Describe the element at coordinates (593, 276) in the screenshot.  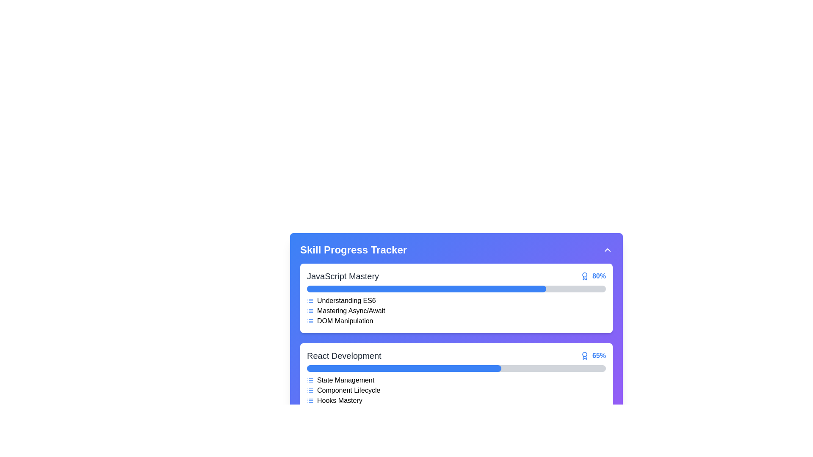
I see `static text label displaying '80%' in bold blue font, which indicates the progress of the 'JavaScript Mastery' section, located to the right of the section's header` at that location.